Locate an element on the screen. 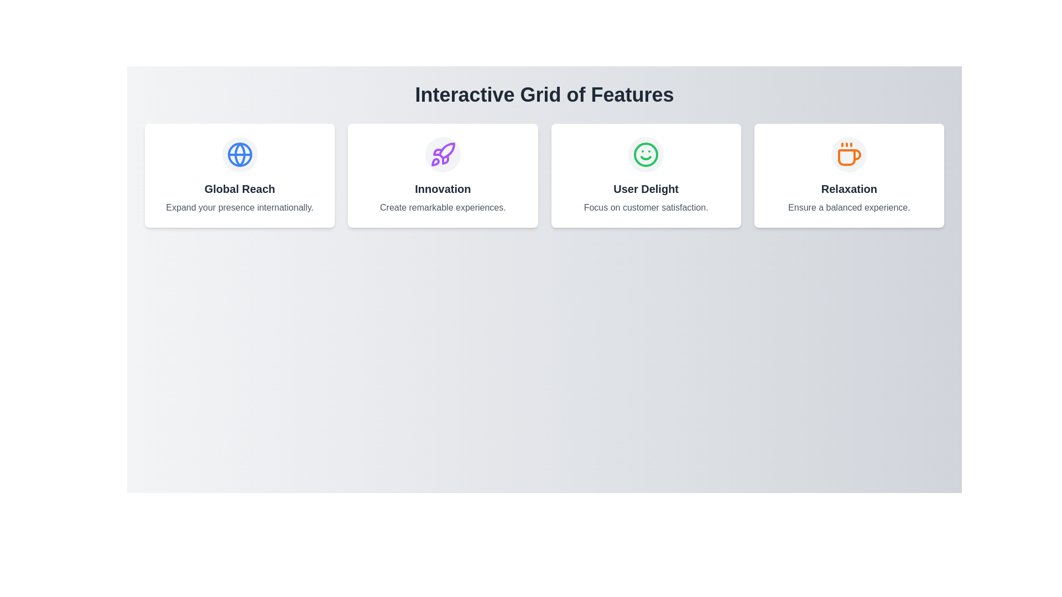 The width and height of the screenshot is (1062, 597). the 'User Delight' icon located in the third card of a horizontally arranged grid layout is located at coordinates (646, 155).